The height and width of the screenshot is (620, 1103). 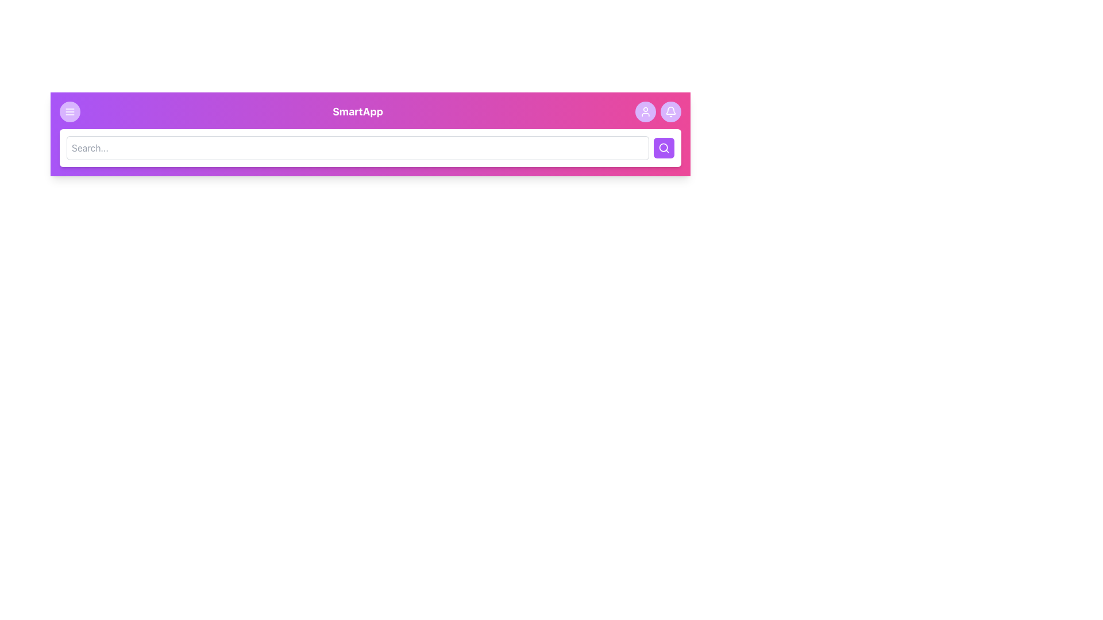 What do you see at coordinates (357, 112) in the screenshot?
I see `the static text element that serves as the title or logo for the application, located centrally in the header bar` at bounding box center [357, 112].